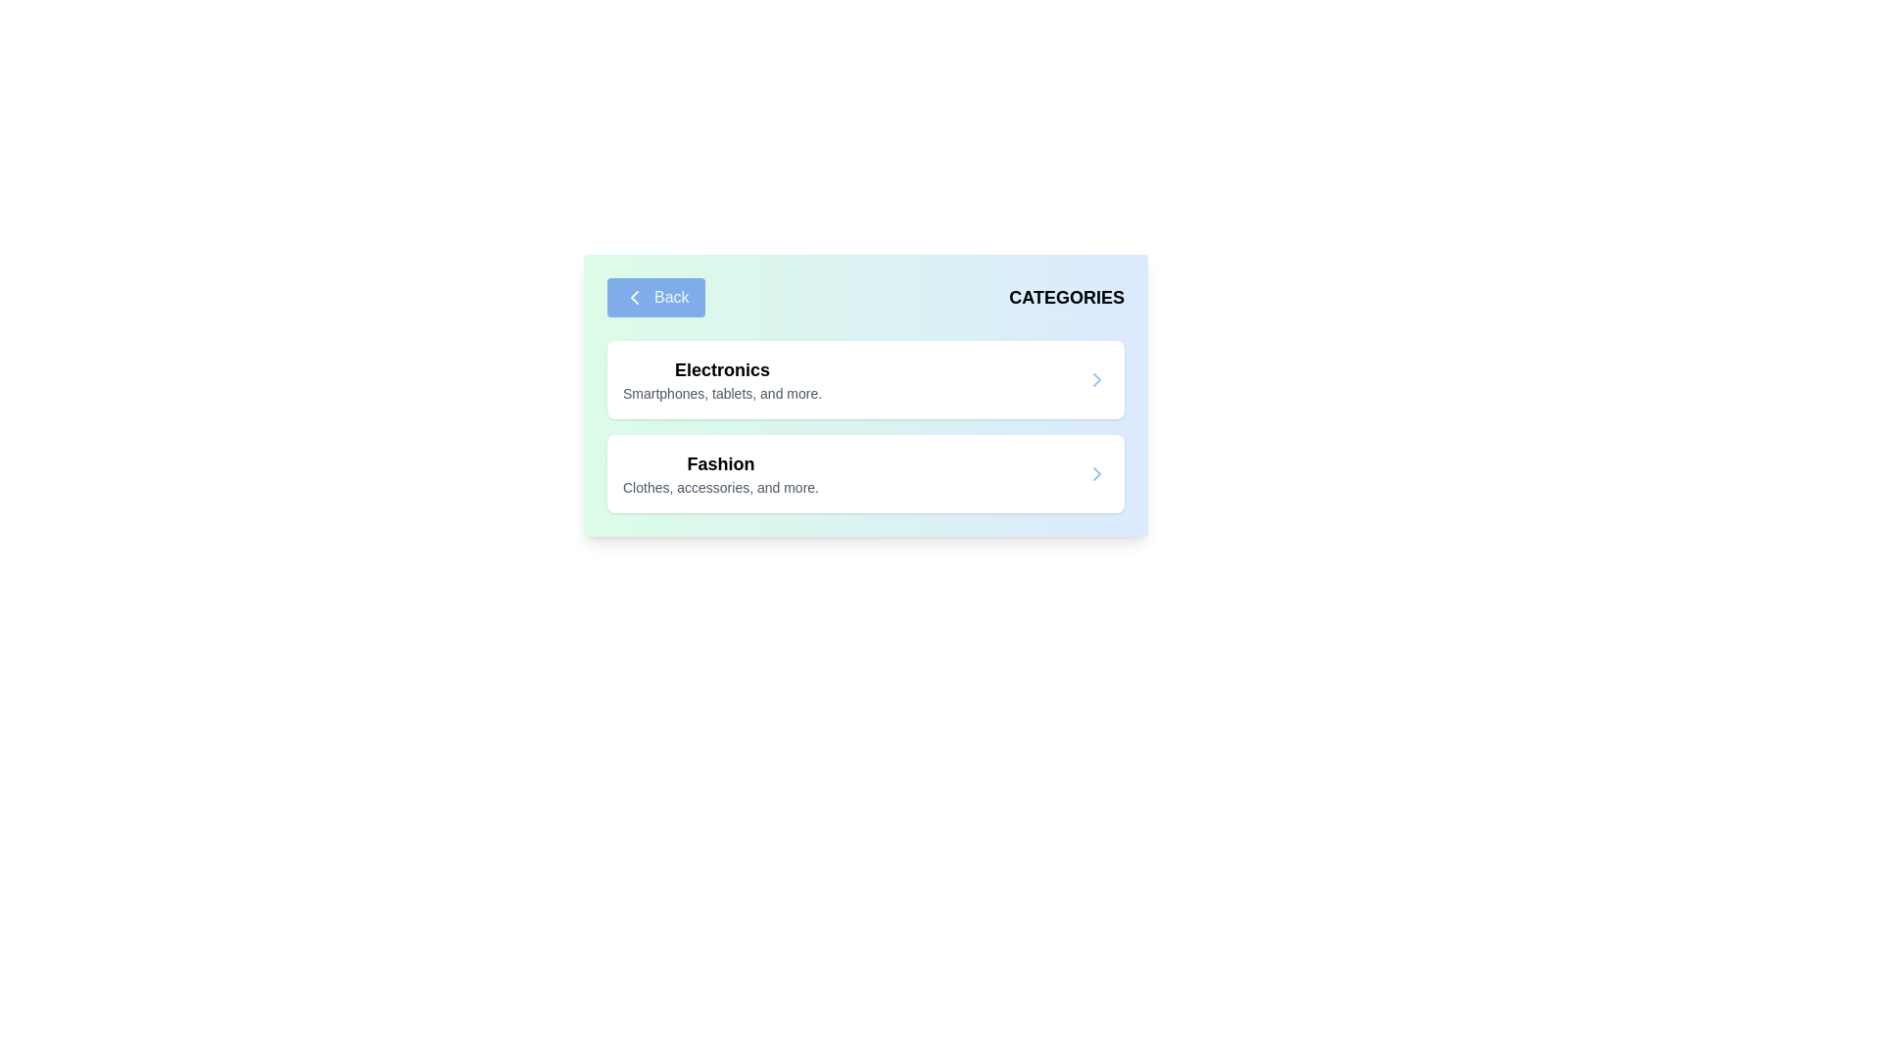 Image resolution: width=1881 pixels, height=1058 pixels. What do you see at coordinates (721, 393) in the screenshot?
I see `text label that displays 'Smartphones, tablets, and more.' located below the 'Electronics' title in the 'Categories' section` at bounding box center [721, 393].